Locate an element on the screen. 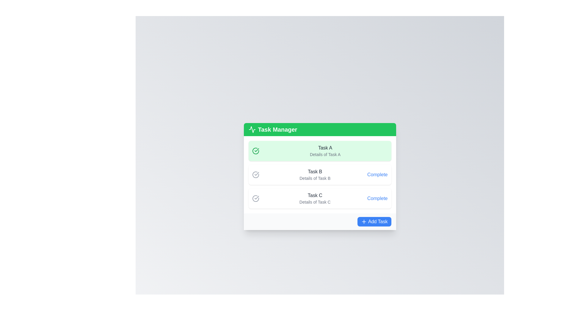 This screenshot has height=321, width=571. details from the text label that provides additional information about 'Task C'. This label is positioned directly below the 'Task C' label in the task details block is located at coordinates (315, 202).